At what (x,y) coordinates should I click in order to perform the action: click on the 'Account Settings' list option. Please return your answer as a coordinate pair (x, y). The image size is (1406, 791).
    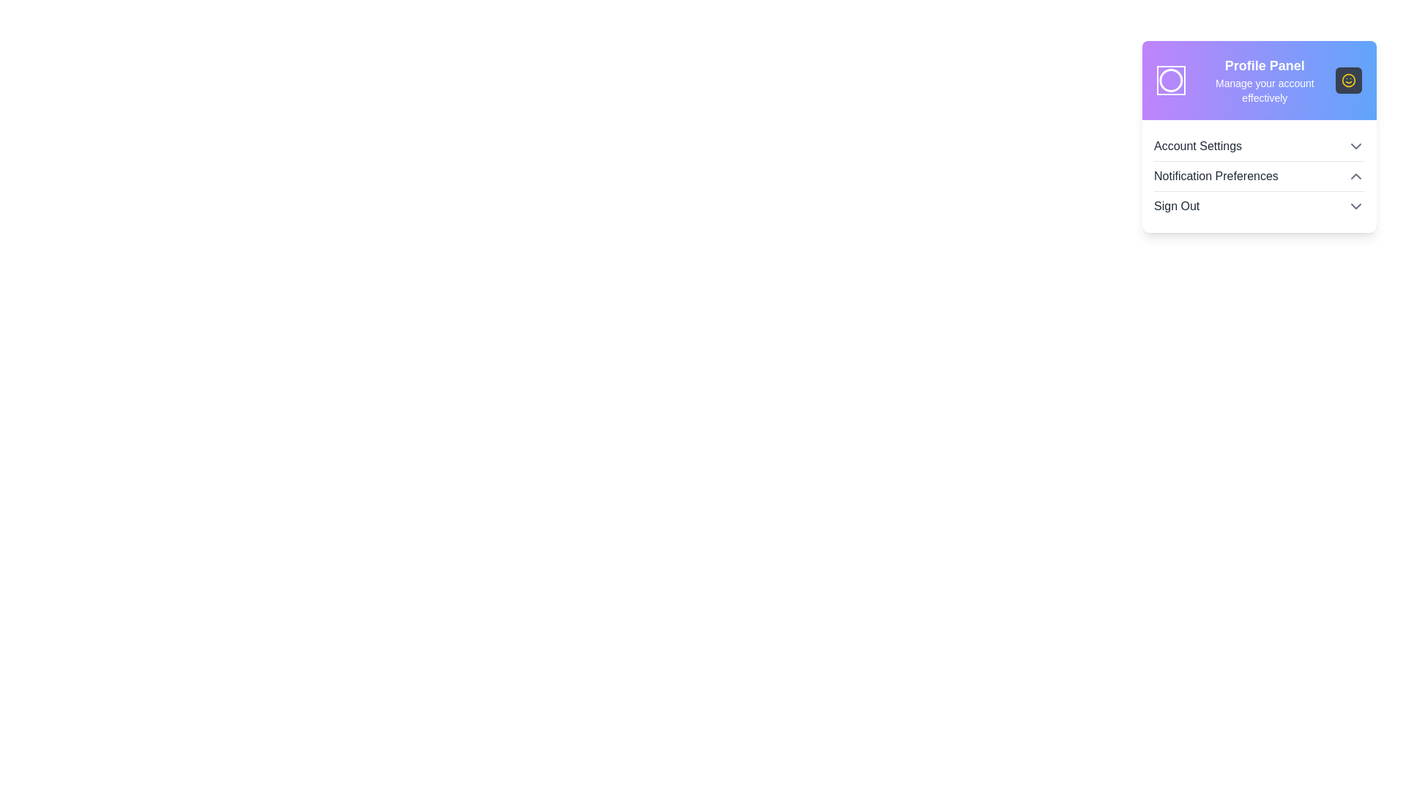
    Looking at the image, I should click on (1258, 146).